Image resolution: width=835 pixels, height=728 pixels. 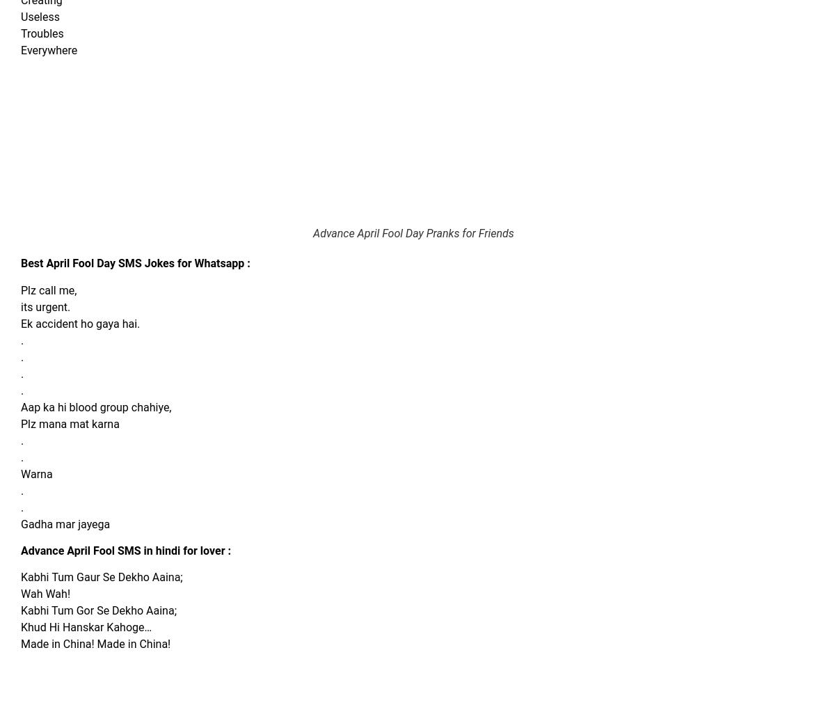 What do you see at coordinates (45, 593) in the screenshot?
I see `'Wah Wah!'` at bounding box center [45, 593].